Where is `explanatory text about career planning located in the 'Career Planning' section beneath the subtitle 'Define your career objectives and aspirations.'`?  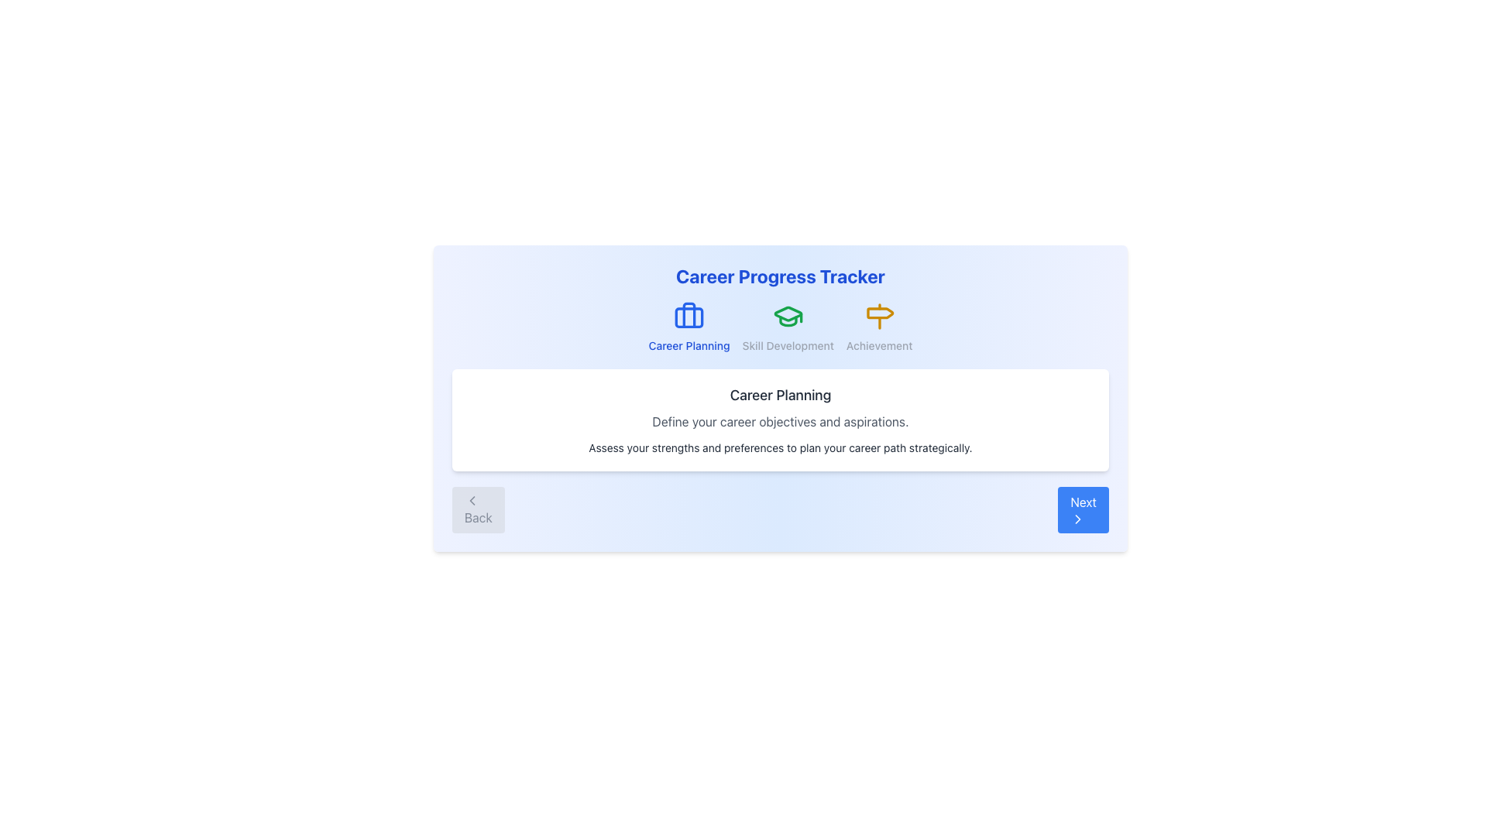
explanatory text about career planning located in the 'Career Planning' section beneath the subtitle 'Define your career objectives and aspirations.' is located at coordinates (781, 447).